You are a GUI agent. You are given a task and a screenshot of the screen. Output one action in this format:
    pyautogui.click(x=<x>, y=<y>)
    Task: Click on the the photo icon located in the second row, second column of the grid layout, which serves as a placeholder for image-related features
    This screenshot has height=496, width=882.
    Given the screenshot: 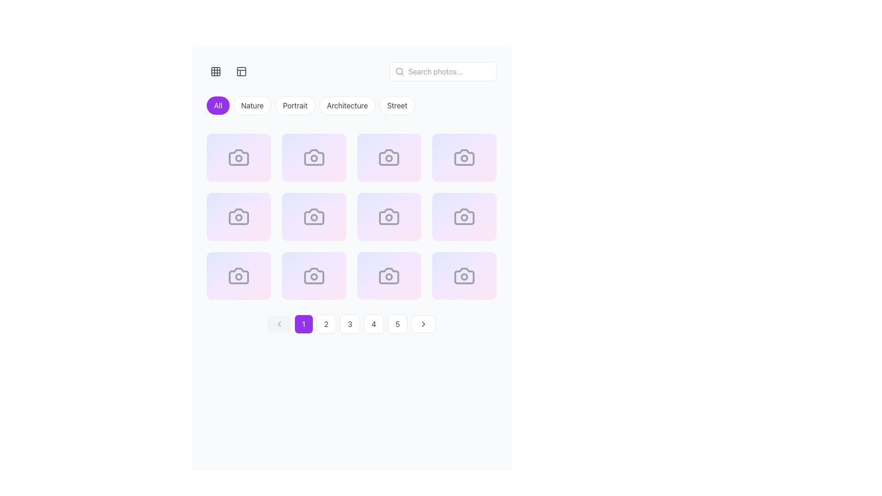 What is the action you would take?
    pyautogui.click(x=314, y=276)
    